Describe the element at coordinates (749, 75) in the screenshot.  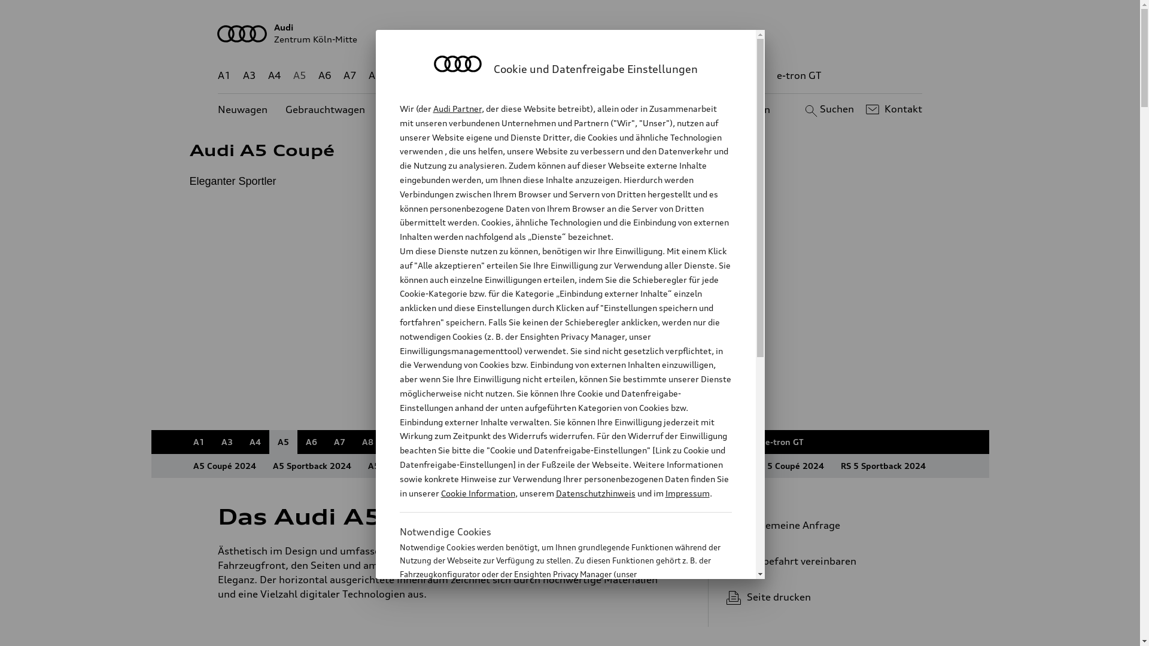
I see `'g-tron'` at that location.